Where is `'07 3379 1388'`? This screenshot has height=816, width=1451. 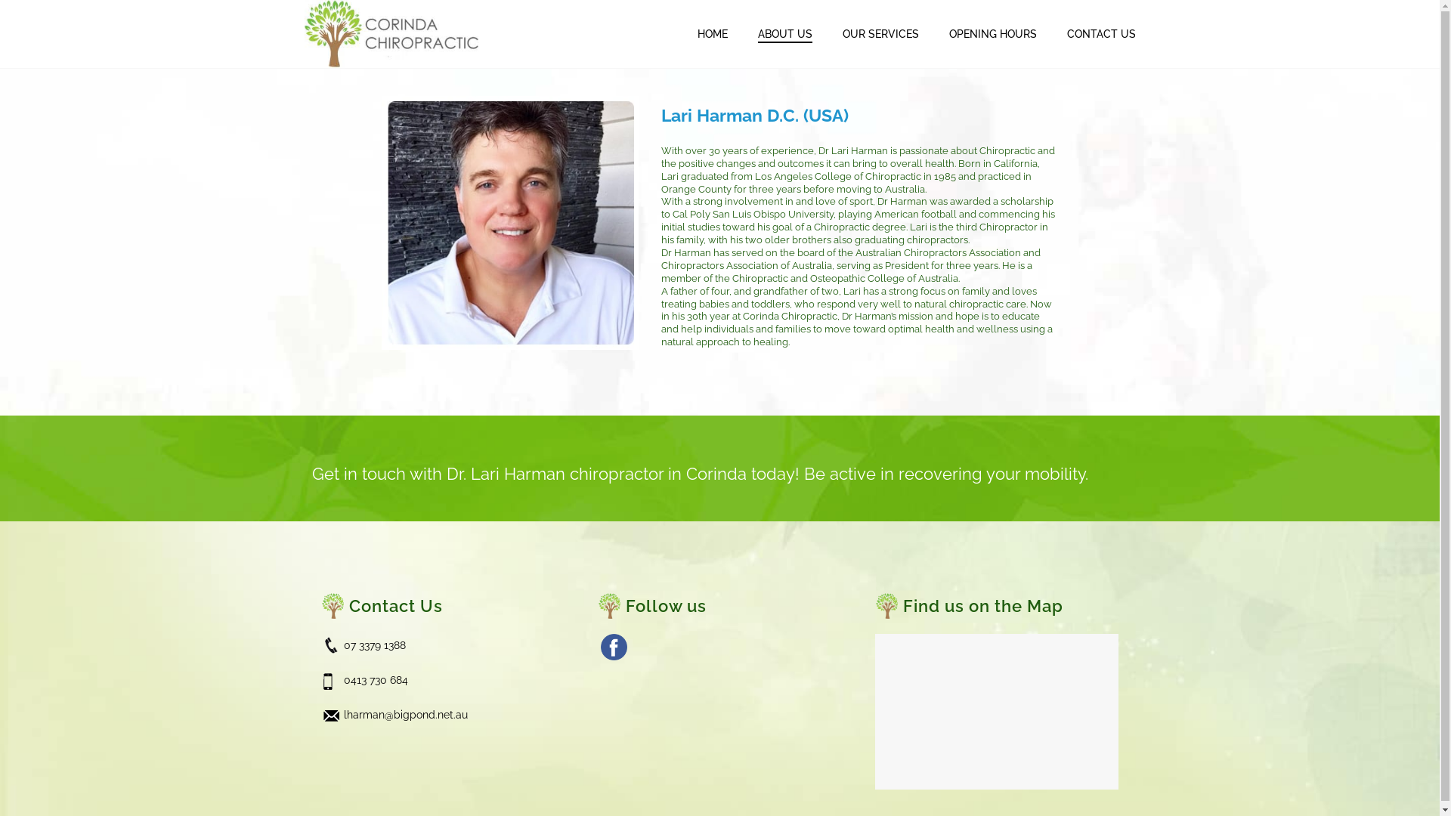
'07 3379 1388' is located at coordinates (342, 644).